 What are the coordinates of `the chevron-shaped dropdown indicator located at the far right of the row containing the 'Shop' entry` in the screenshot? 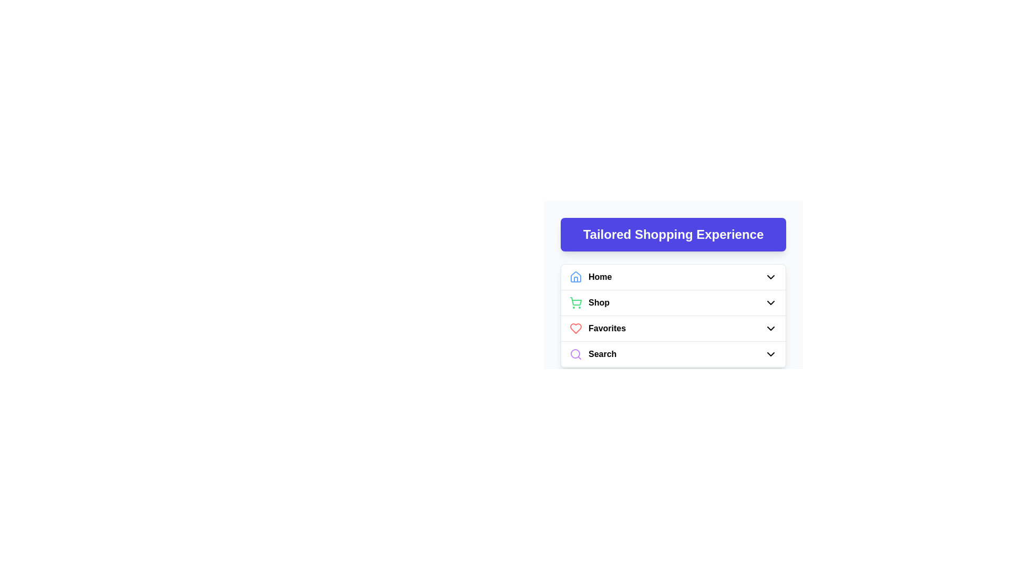 It's located at (771, 303).